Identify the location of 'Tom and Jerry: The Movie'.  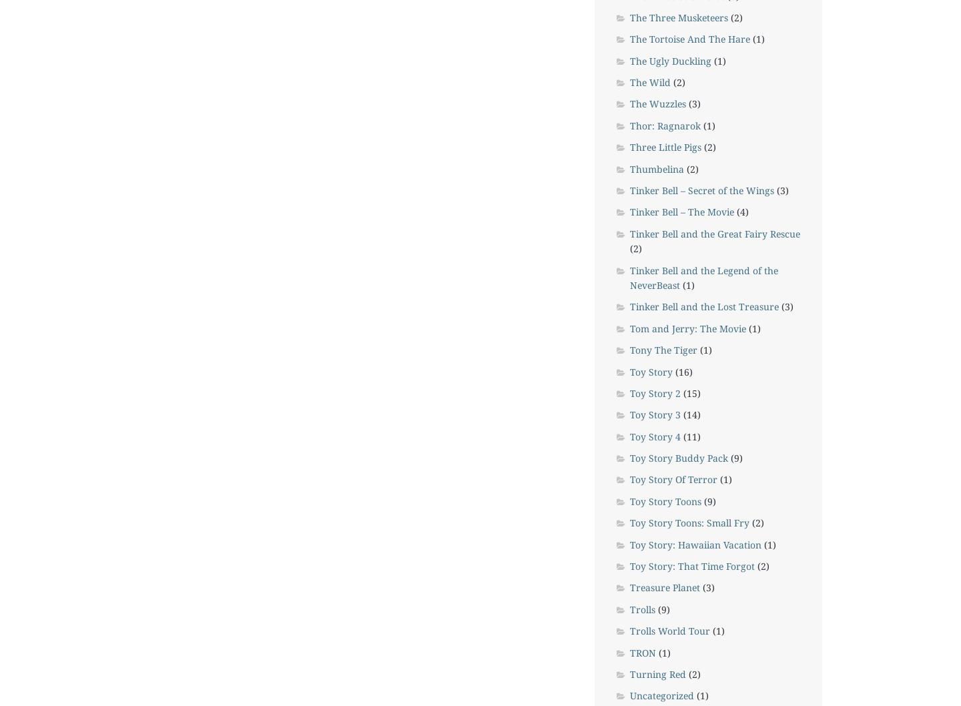
(687, 327).